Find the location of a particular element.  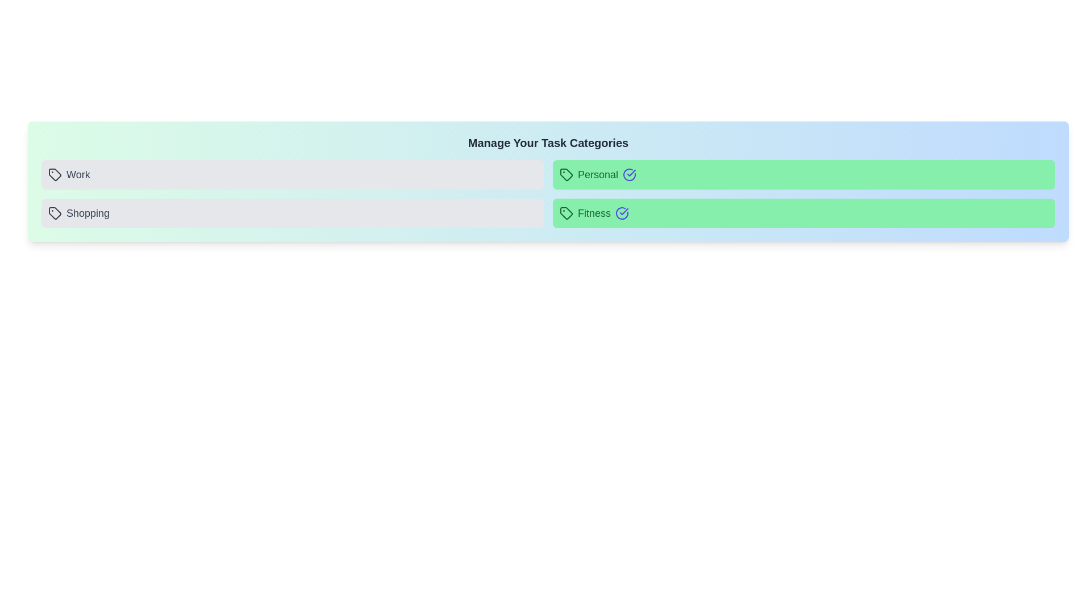

the button representing the category Fitness is located at coordinates (803, 213).